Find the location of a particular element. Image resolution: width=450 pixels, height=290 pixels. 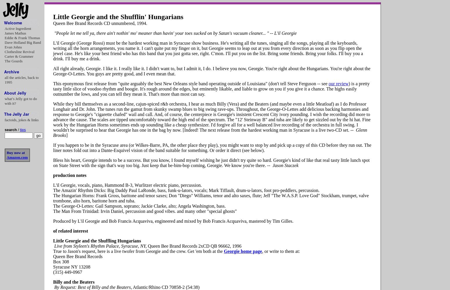

', or 
			write to them at:' is located at coordinates (280, 251).